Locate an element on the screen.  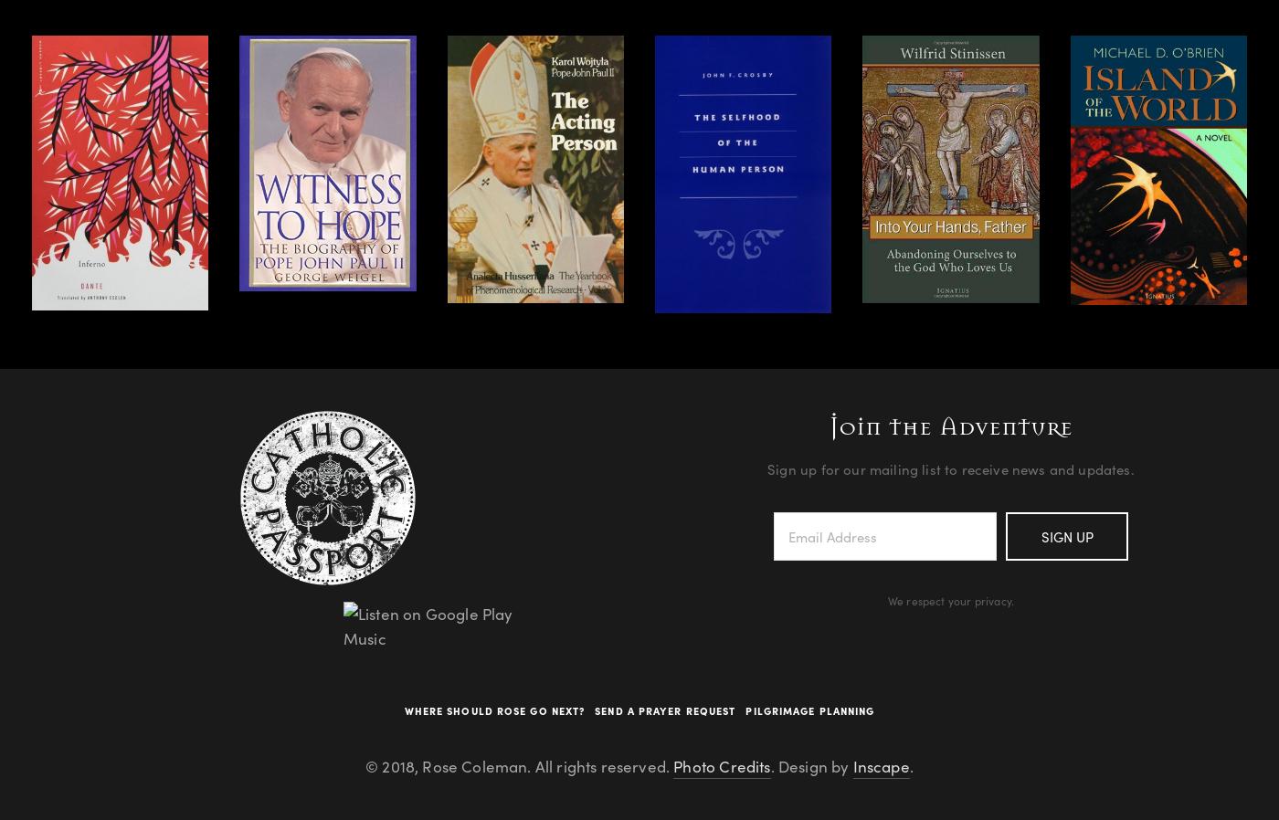
'Photo Credits' is located at coordinates (722, 766).